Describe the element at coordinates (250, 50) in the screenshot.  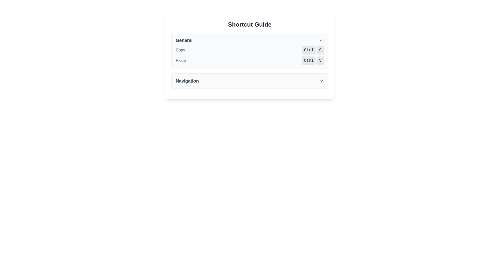
I see `the shortcut description for the Copy command, 'Ctrl C', located in the first row of the 'General' section in the Shortcut Guide interface` at that location.